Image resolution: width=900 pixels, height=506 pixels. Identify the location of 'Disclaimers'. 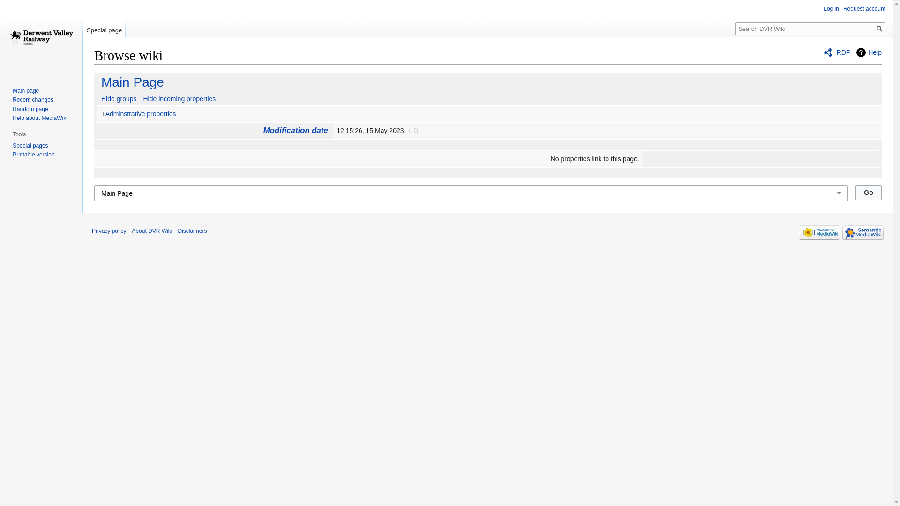
(191, 231).